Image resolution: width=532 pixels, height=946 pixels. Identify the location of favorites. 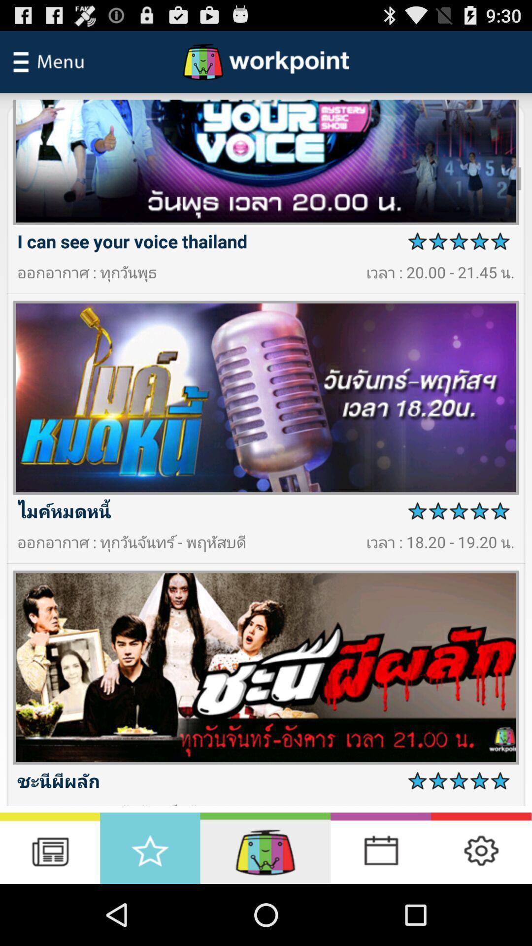
(150, 847).